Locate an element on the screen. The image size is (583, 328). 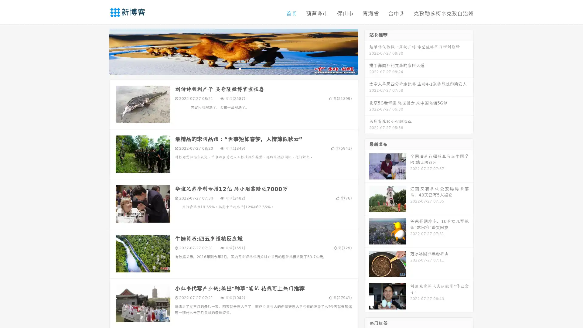
Go to slide 3 is located at coordinates (240, 68).